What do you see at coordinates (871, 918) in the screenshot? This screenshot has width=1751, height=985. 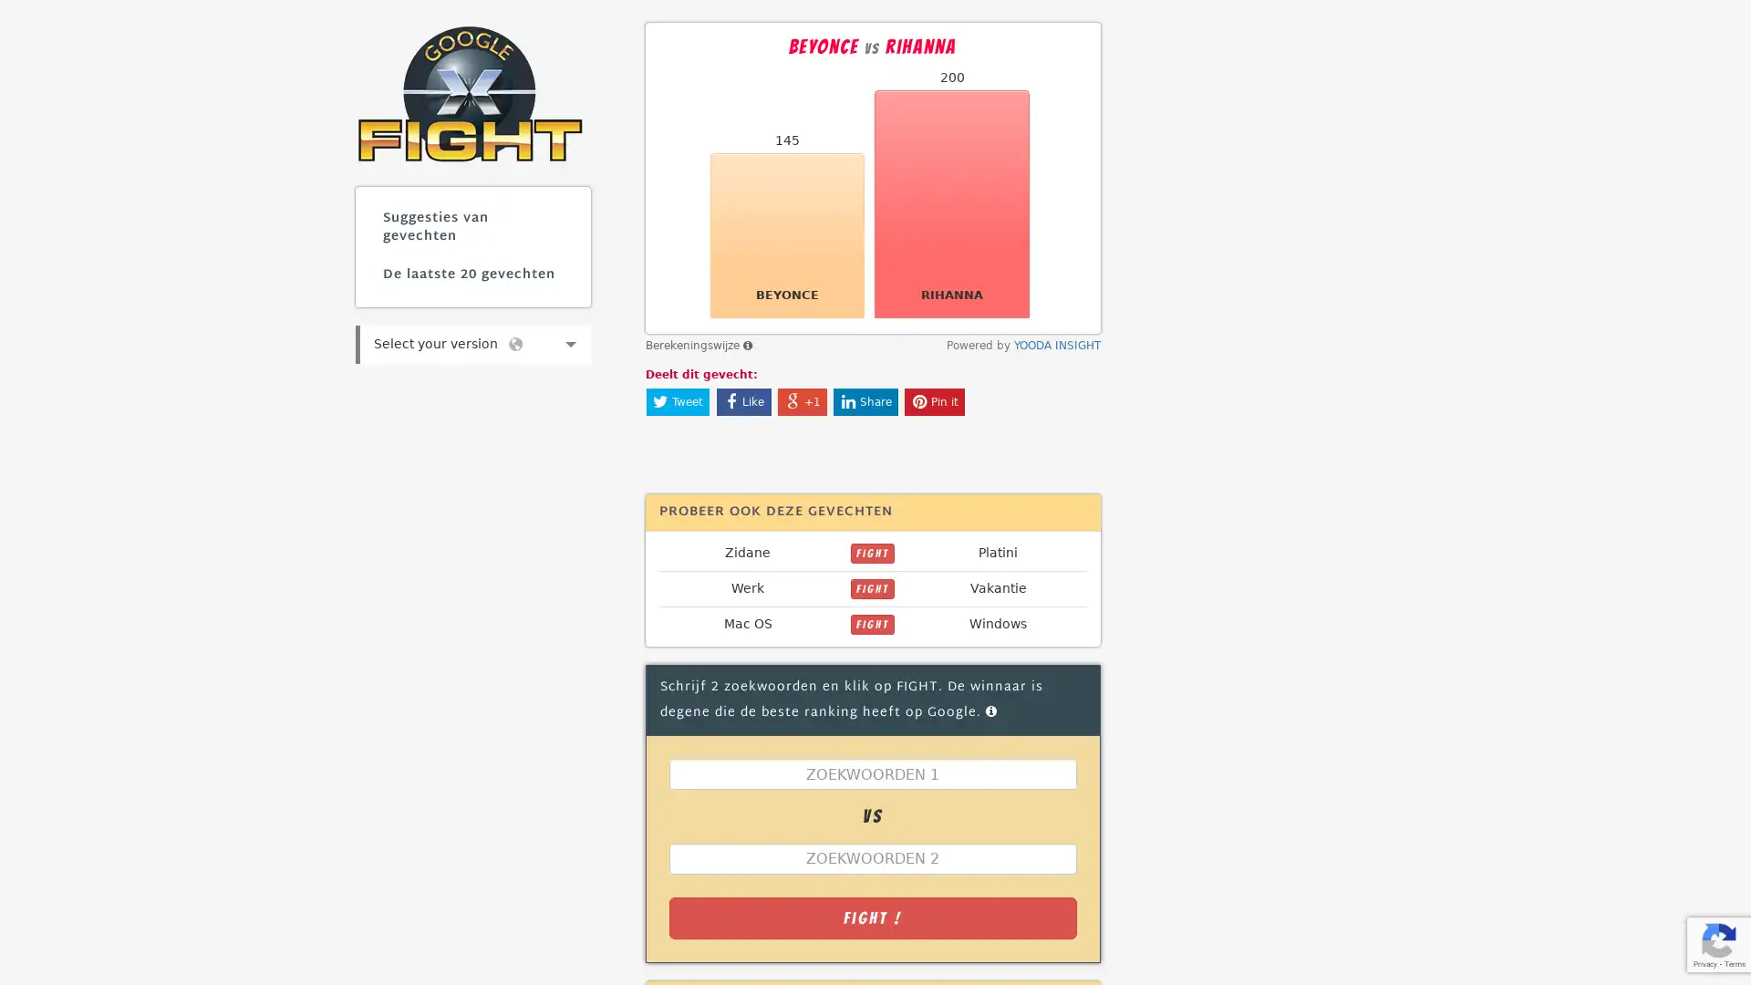 I see `Fight !` at bounding box center [871, 918].